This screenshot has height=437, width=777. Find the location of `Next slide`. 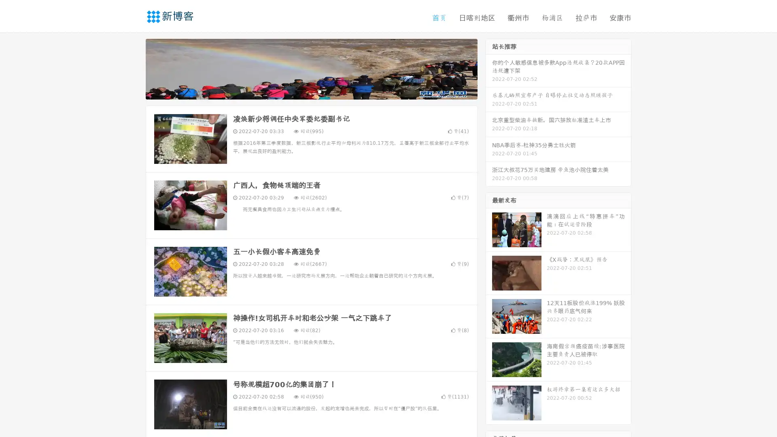

Next slide is located at coordinates (489, 68).